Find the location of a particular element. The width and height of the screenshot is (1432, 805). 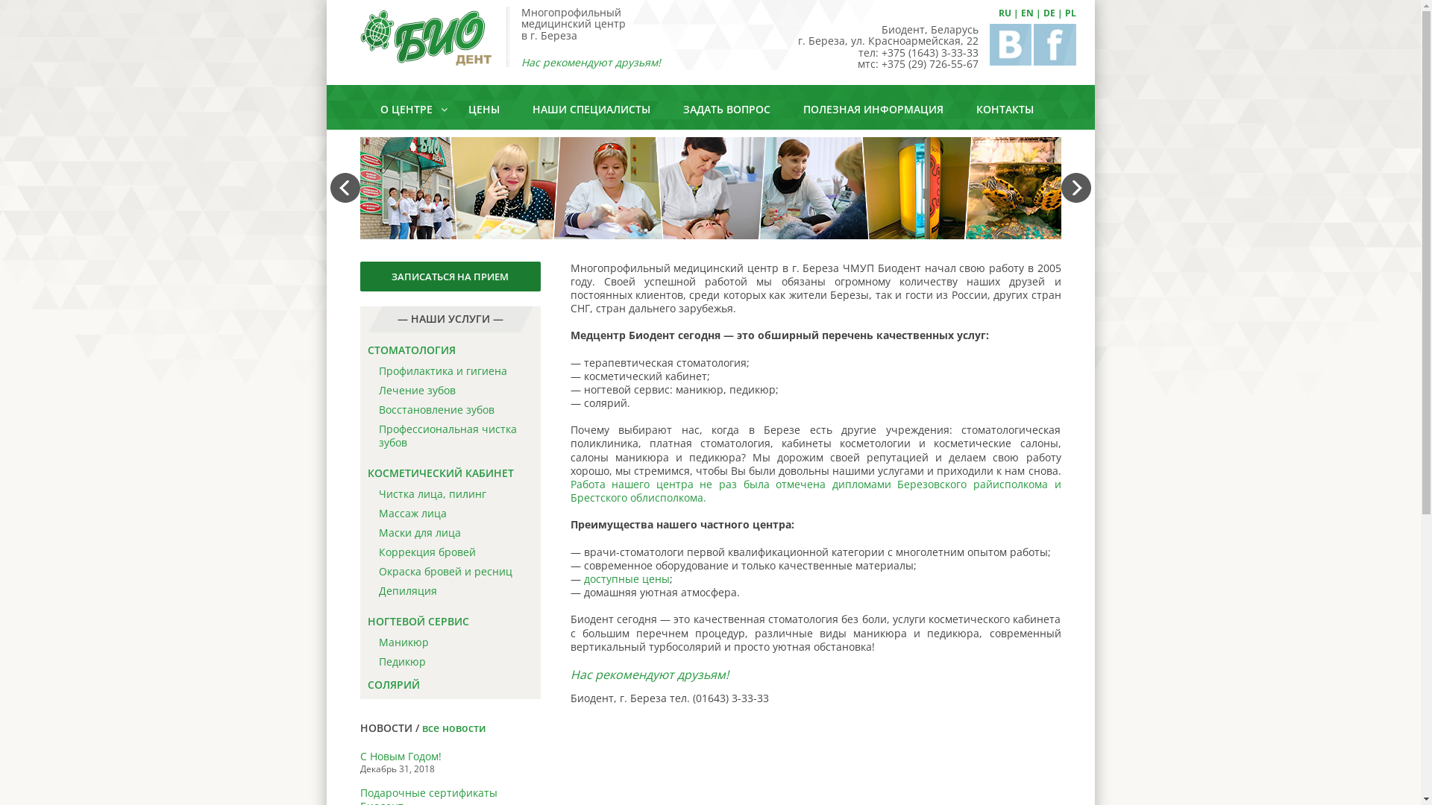

'DE' is located at coordinates (1048, 13).